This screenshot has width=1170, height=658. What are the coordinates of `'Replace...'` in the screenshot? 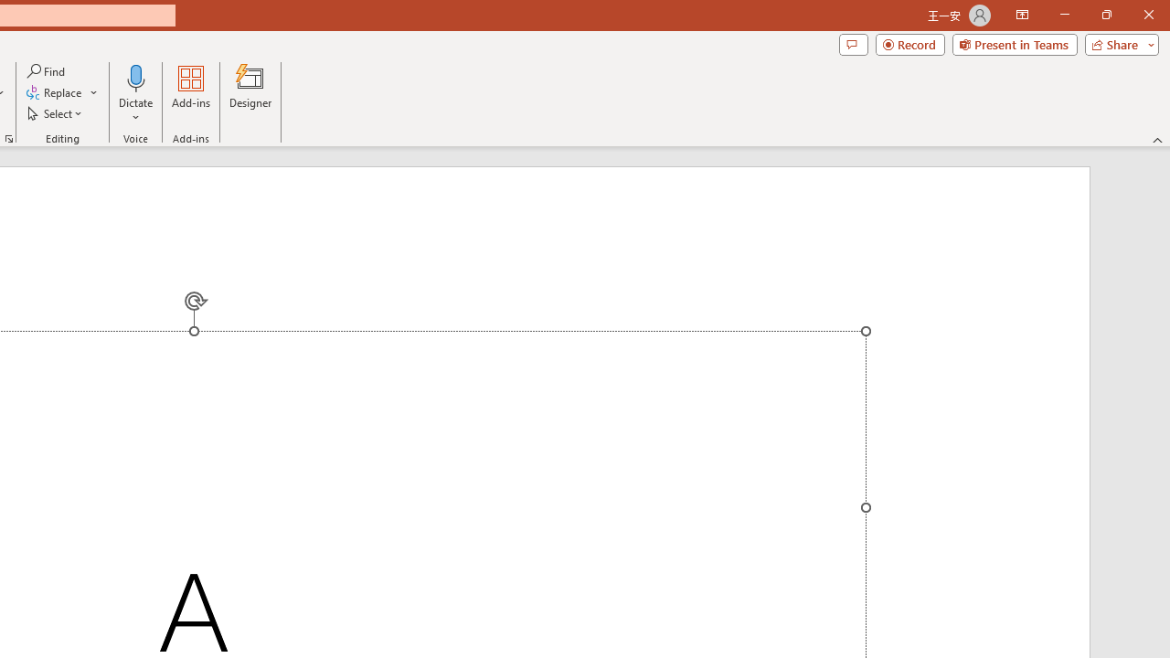 It's located at (63, 92).